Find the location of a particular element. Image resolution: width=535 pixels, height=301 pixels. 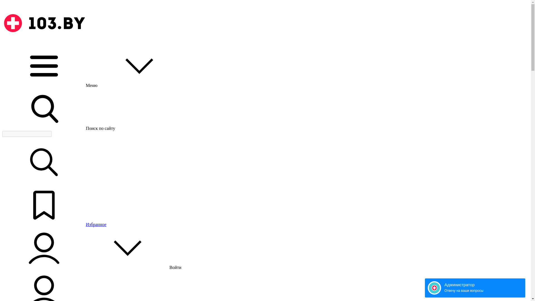

'logo' is located at coordinates (44, 23).